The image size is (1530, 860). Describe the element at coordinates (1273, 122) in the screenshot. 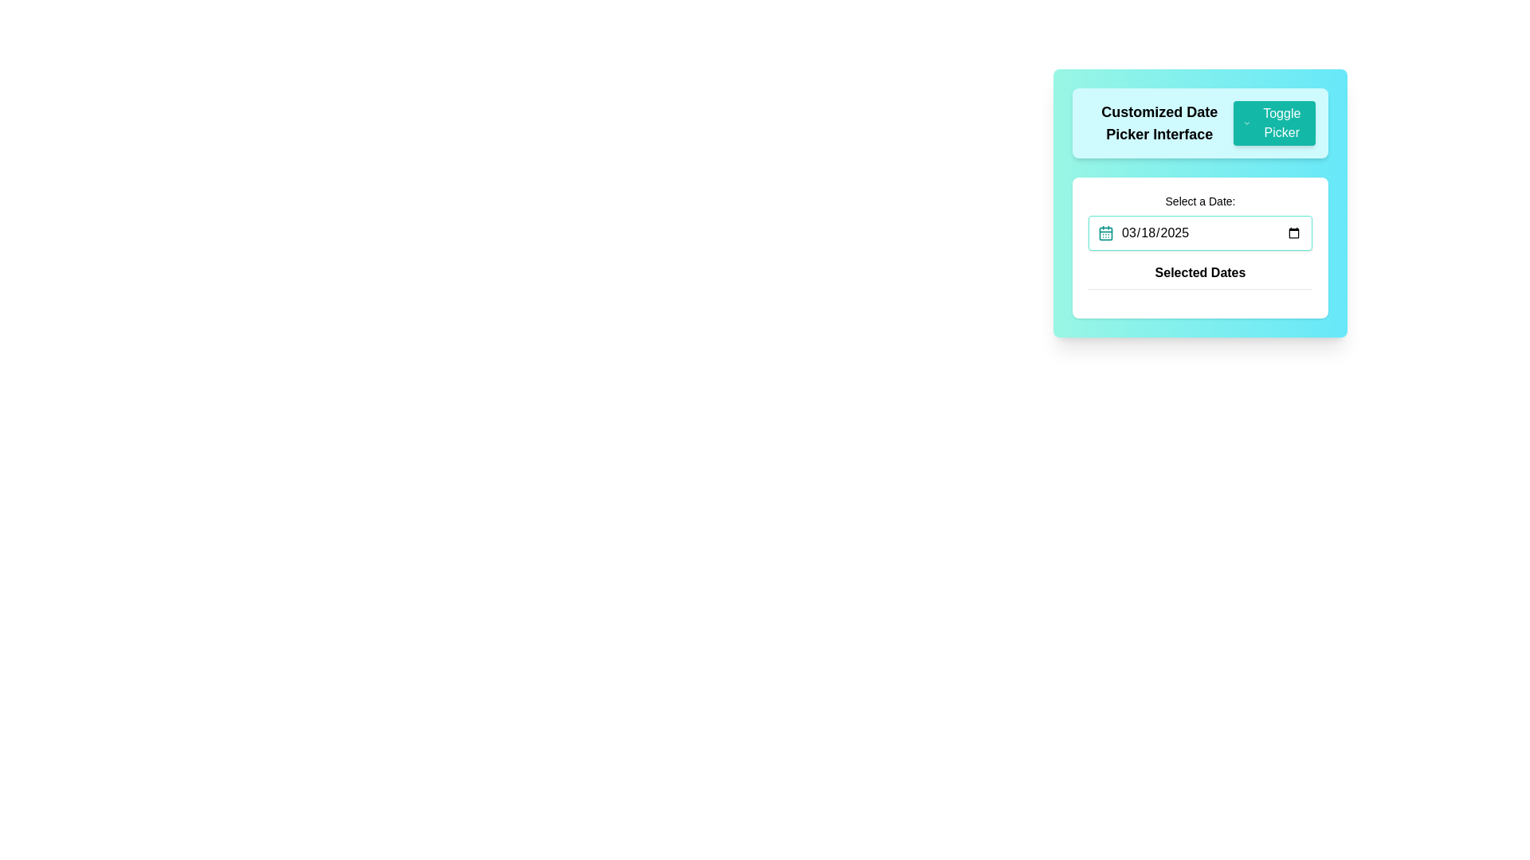

I see `the 'Toggle Picker' button located` at that location.